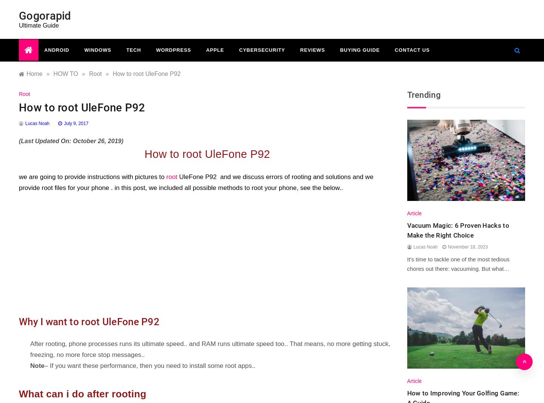 This screenshot has height=403, width=544. What do you see at coordinates (97, 49) in the screenshot?
I see `'Windows'` at bounding box center [97, 49].